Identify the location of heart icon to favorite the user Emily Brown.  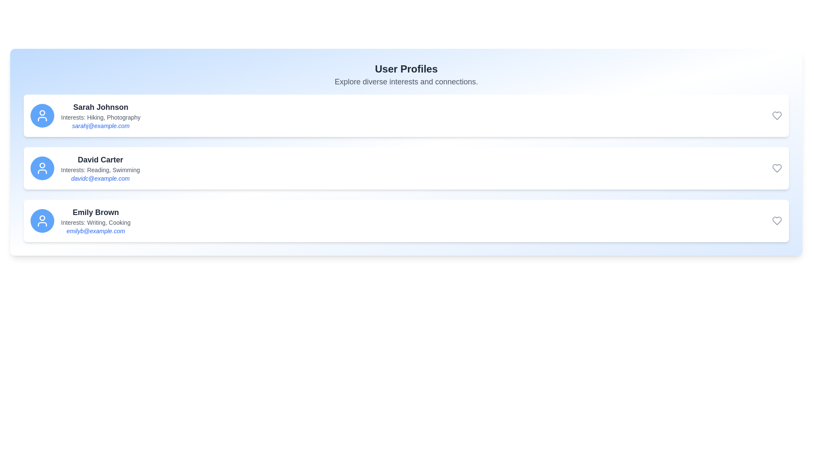
(777, 220).